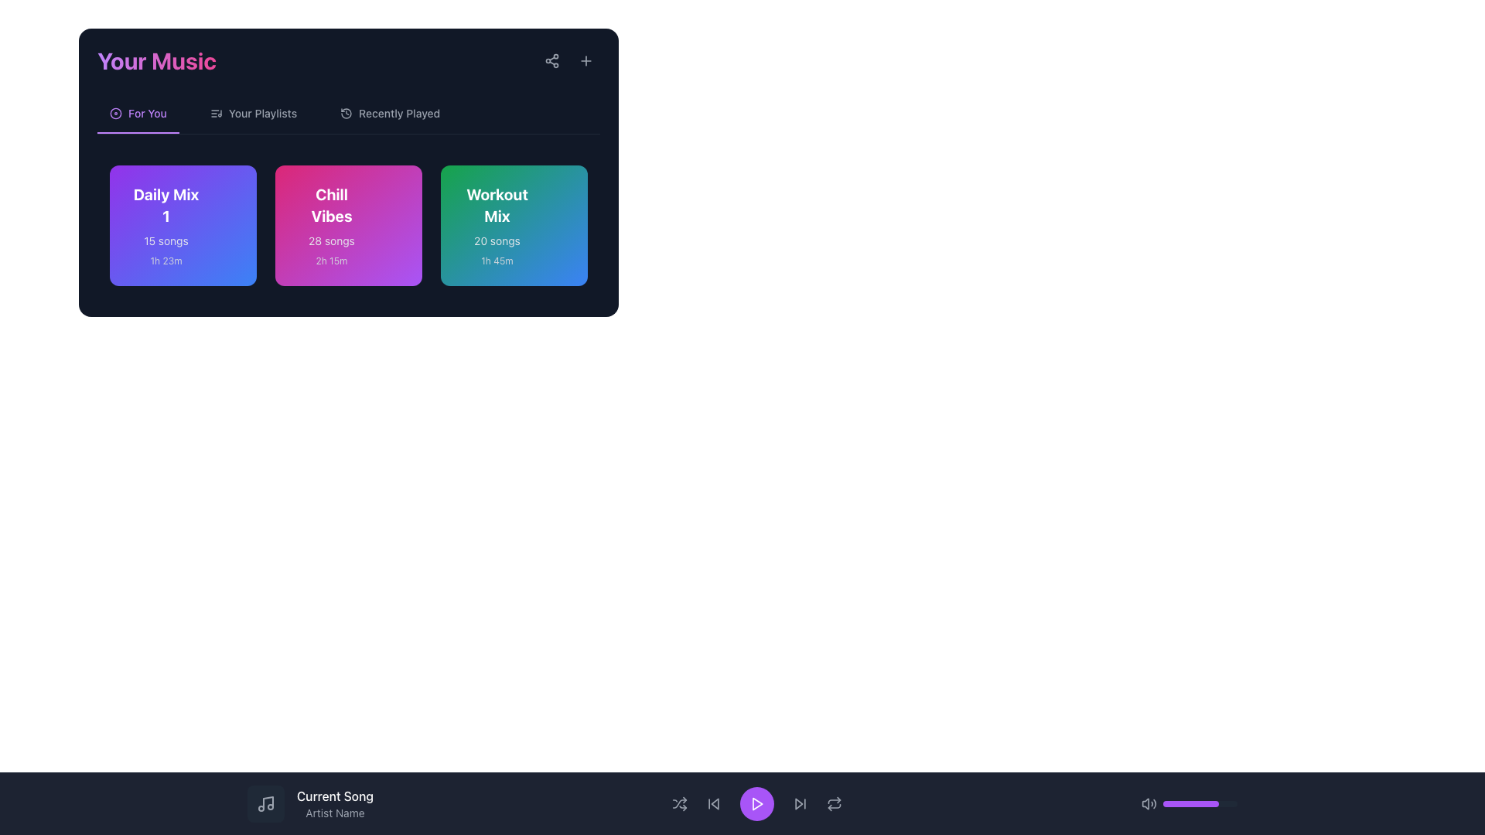 The height and width of the screenshot is (835, 1485). I want to click on displayed text from the Text label showing the total duration of the playlist 'Workout Mix', located at the bottom of the 'Workout Mix' card, so click(497, 261).